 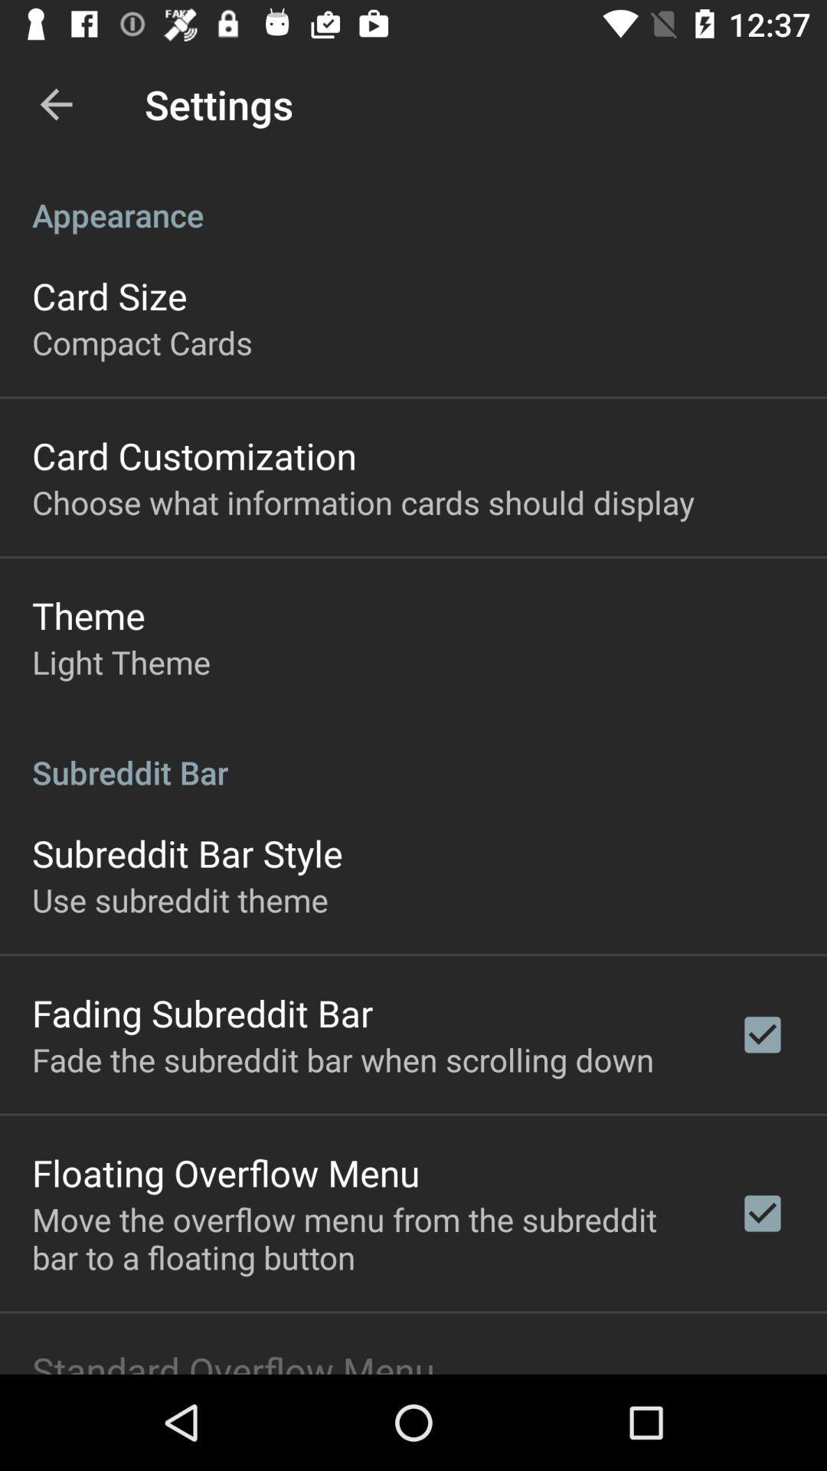 I want to click on app above the standard overflow menu, so click(x=365, y=1238).